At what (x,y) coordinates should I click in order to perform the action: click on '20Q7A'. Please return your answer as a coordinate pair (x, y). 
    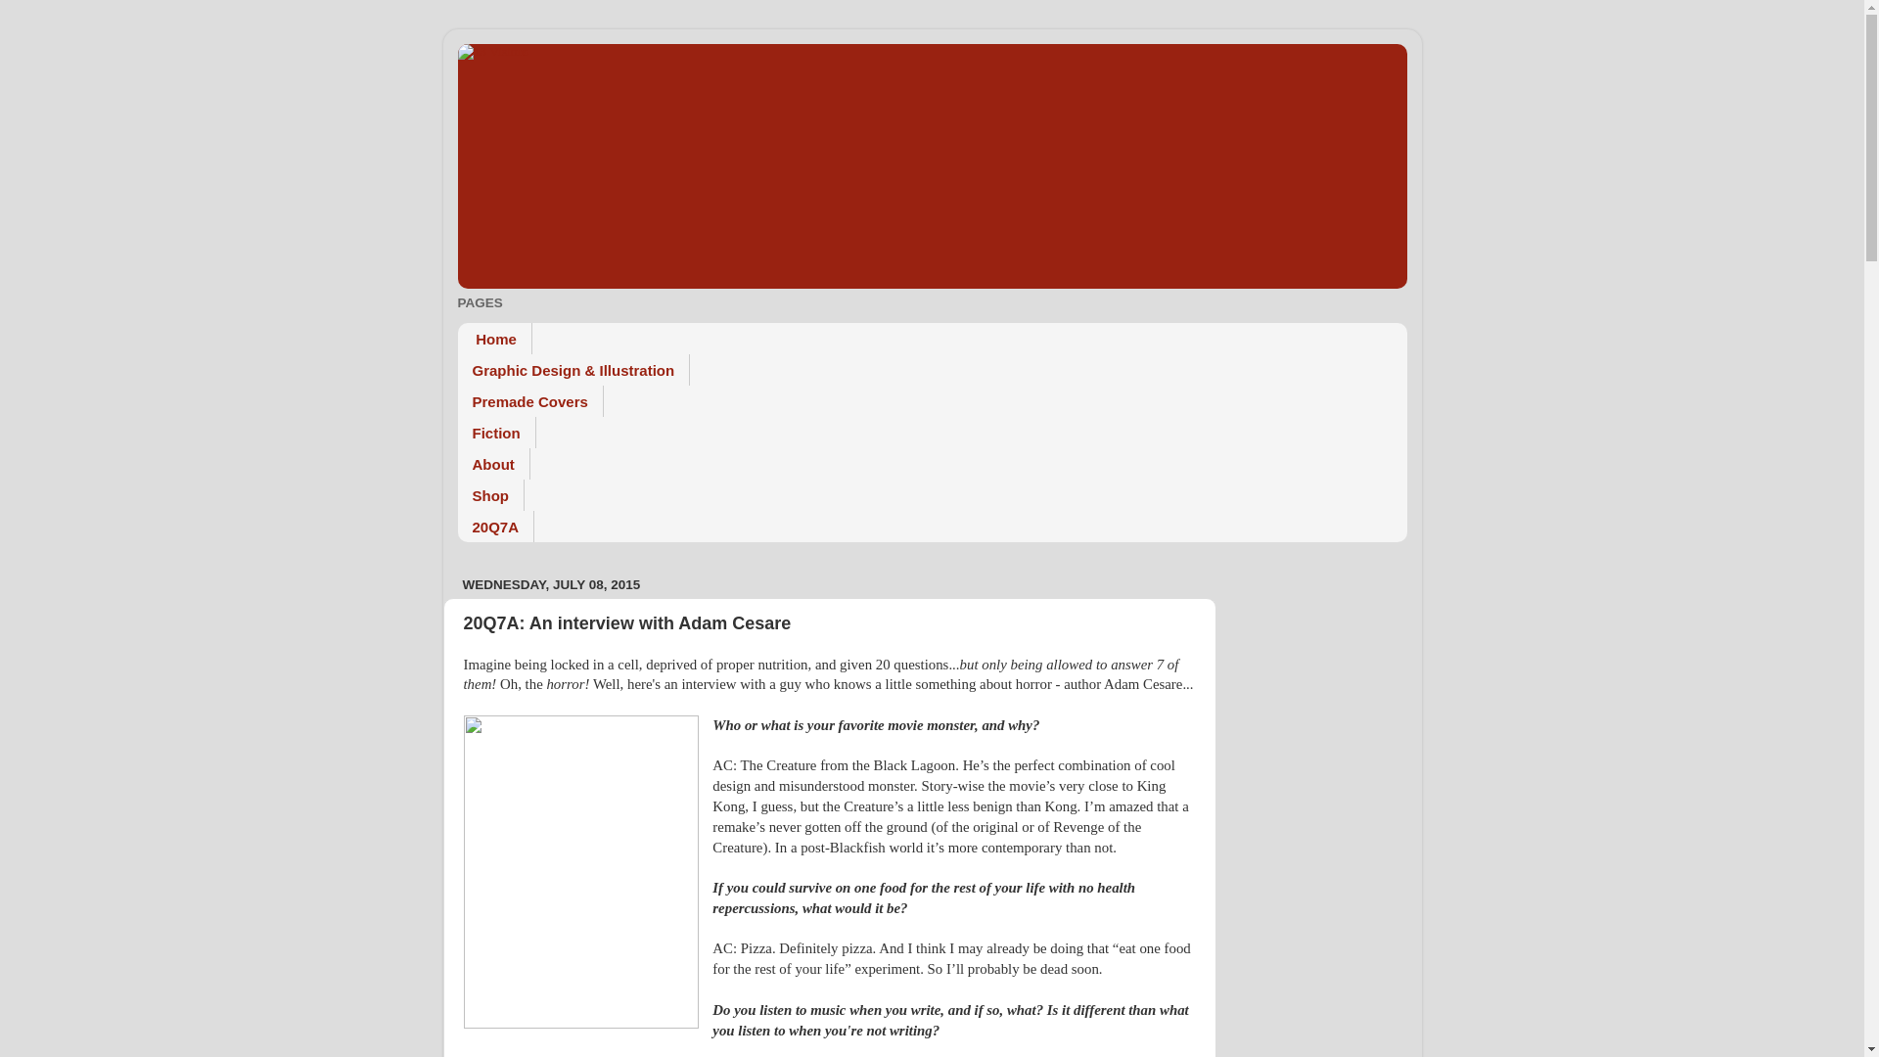
    Looking at the image, I should click on (496, 525).